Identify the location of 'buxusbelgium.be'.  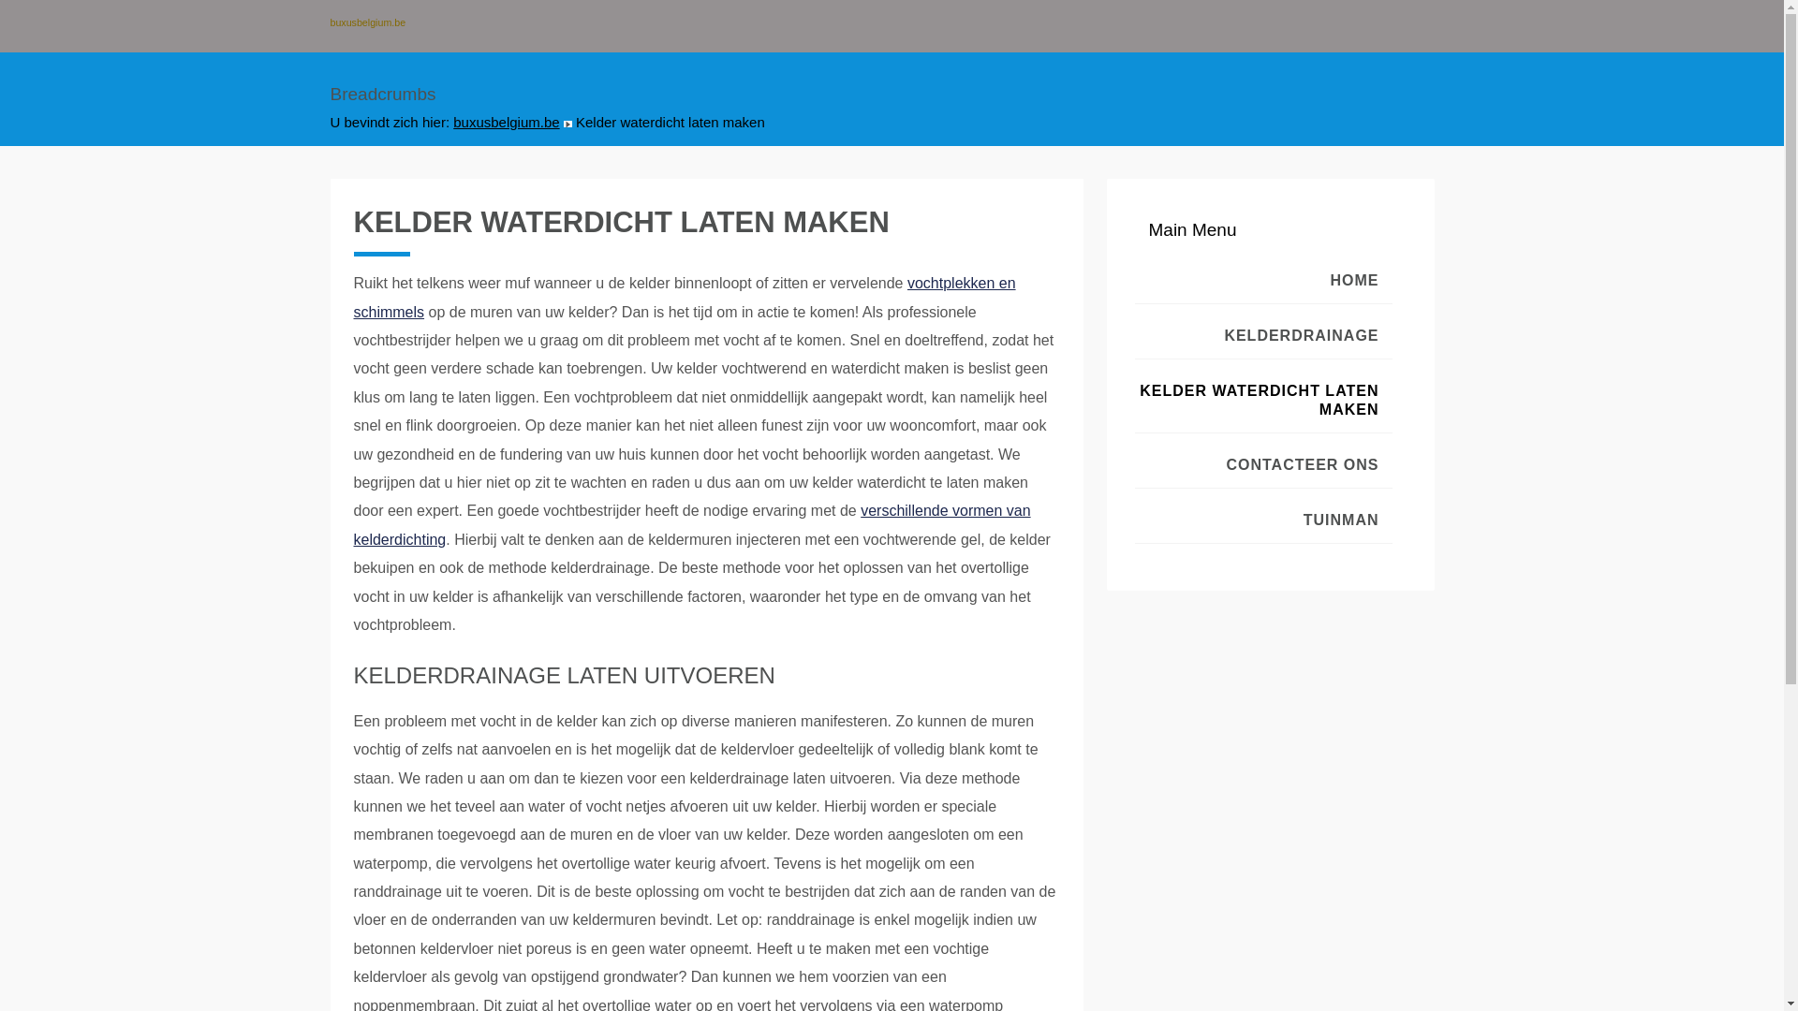
(506, 122).